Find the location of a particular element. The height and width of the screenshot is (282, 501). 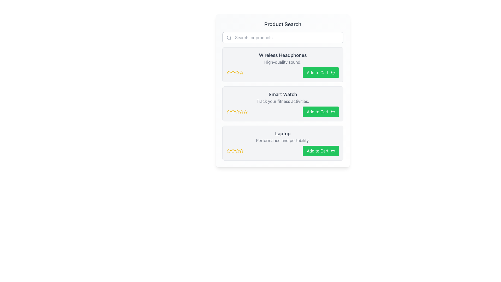

the fourth star in the rating component under the 'Smart Watch' item is located at coordinates (237, 111).